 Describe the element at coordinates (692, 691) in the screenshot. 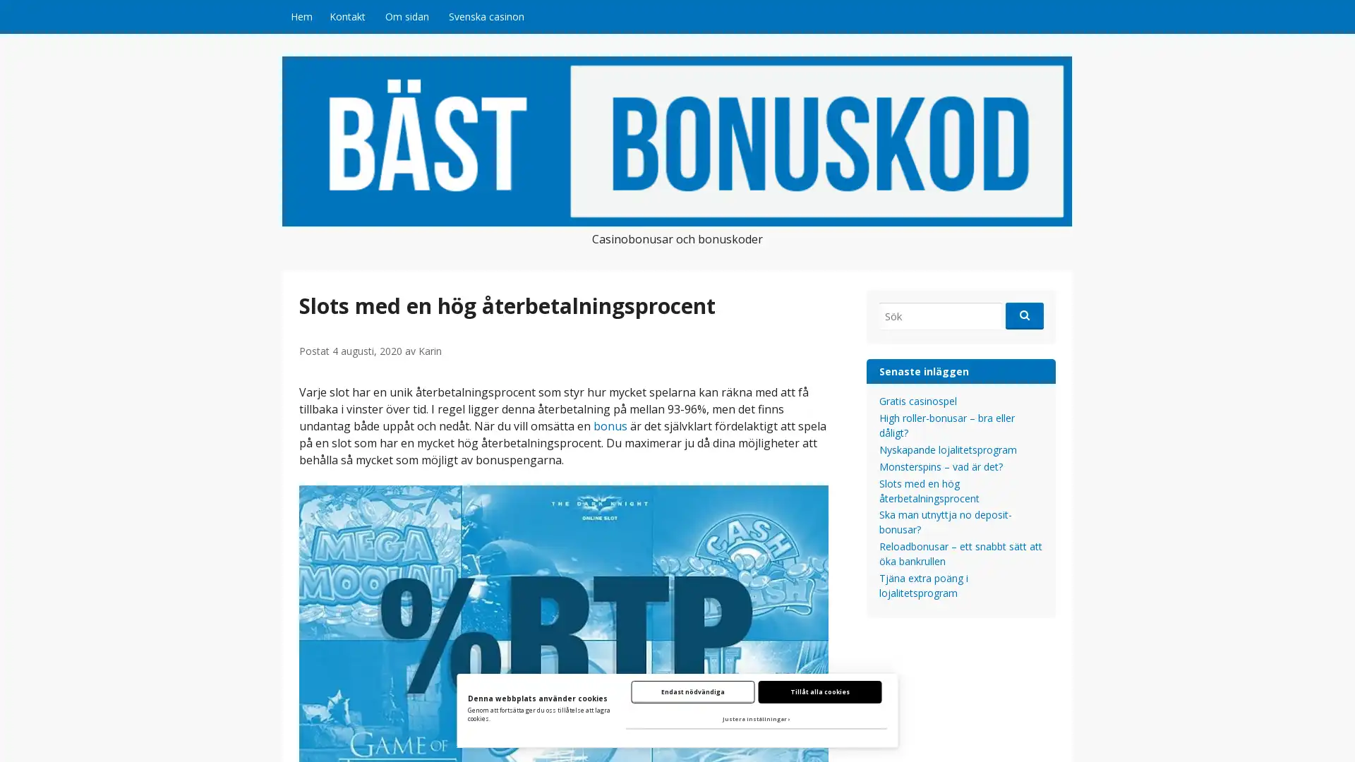

I see `Endast nodvandiga` at that location.